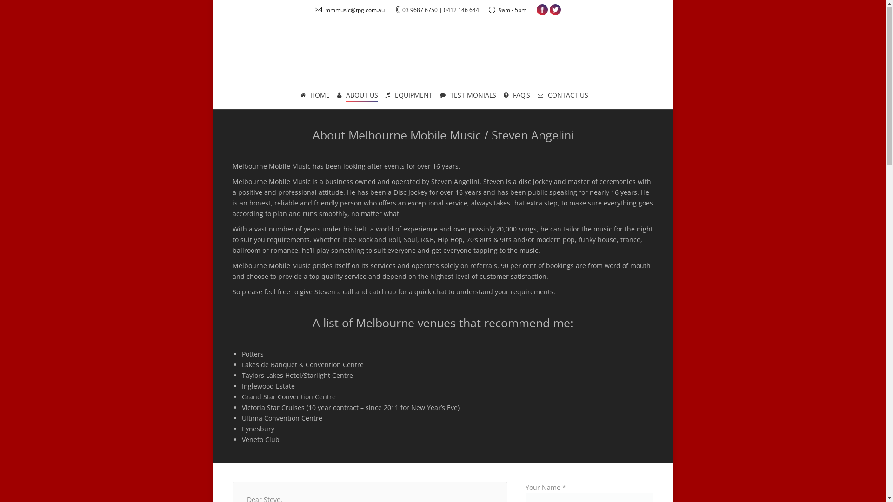  What do you see at coordinates (314, 96) in the screenshot?
I see `'HOME'` at bounding box center [314, 96].